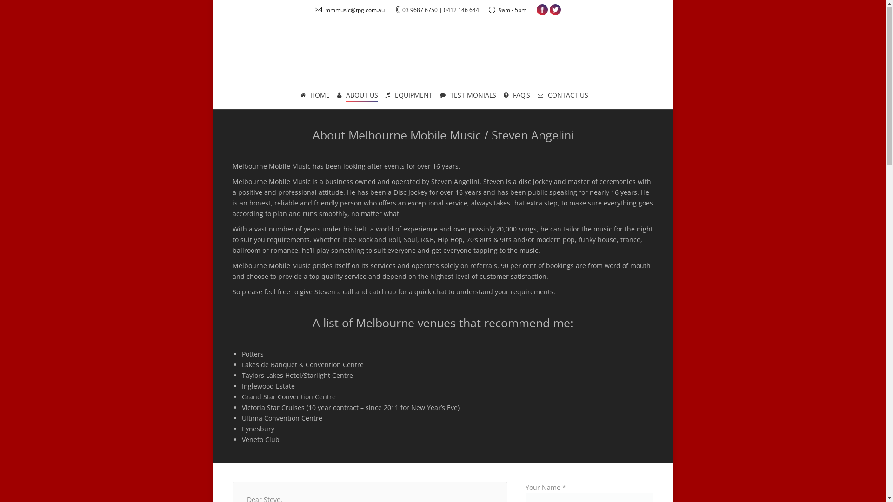  What do you see at coordinates (314, 96) in the screenshot?
I see `'HOME'` at bounding box center [314, 96].